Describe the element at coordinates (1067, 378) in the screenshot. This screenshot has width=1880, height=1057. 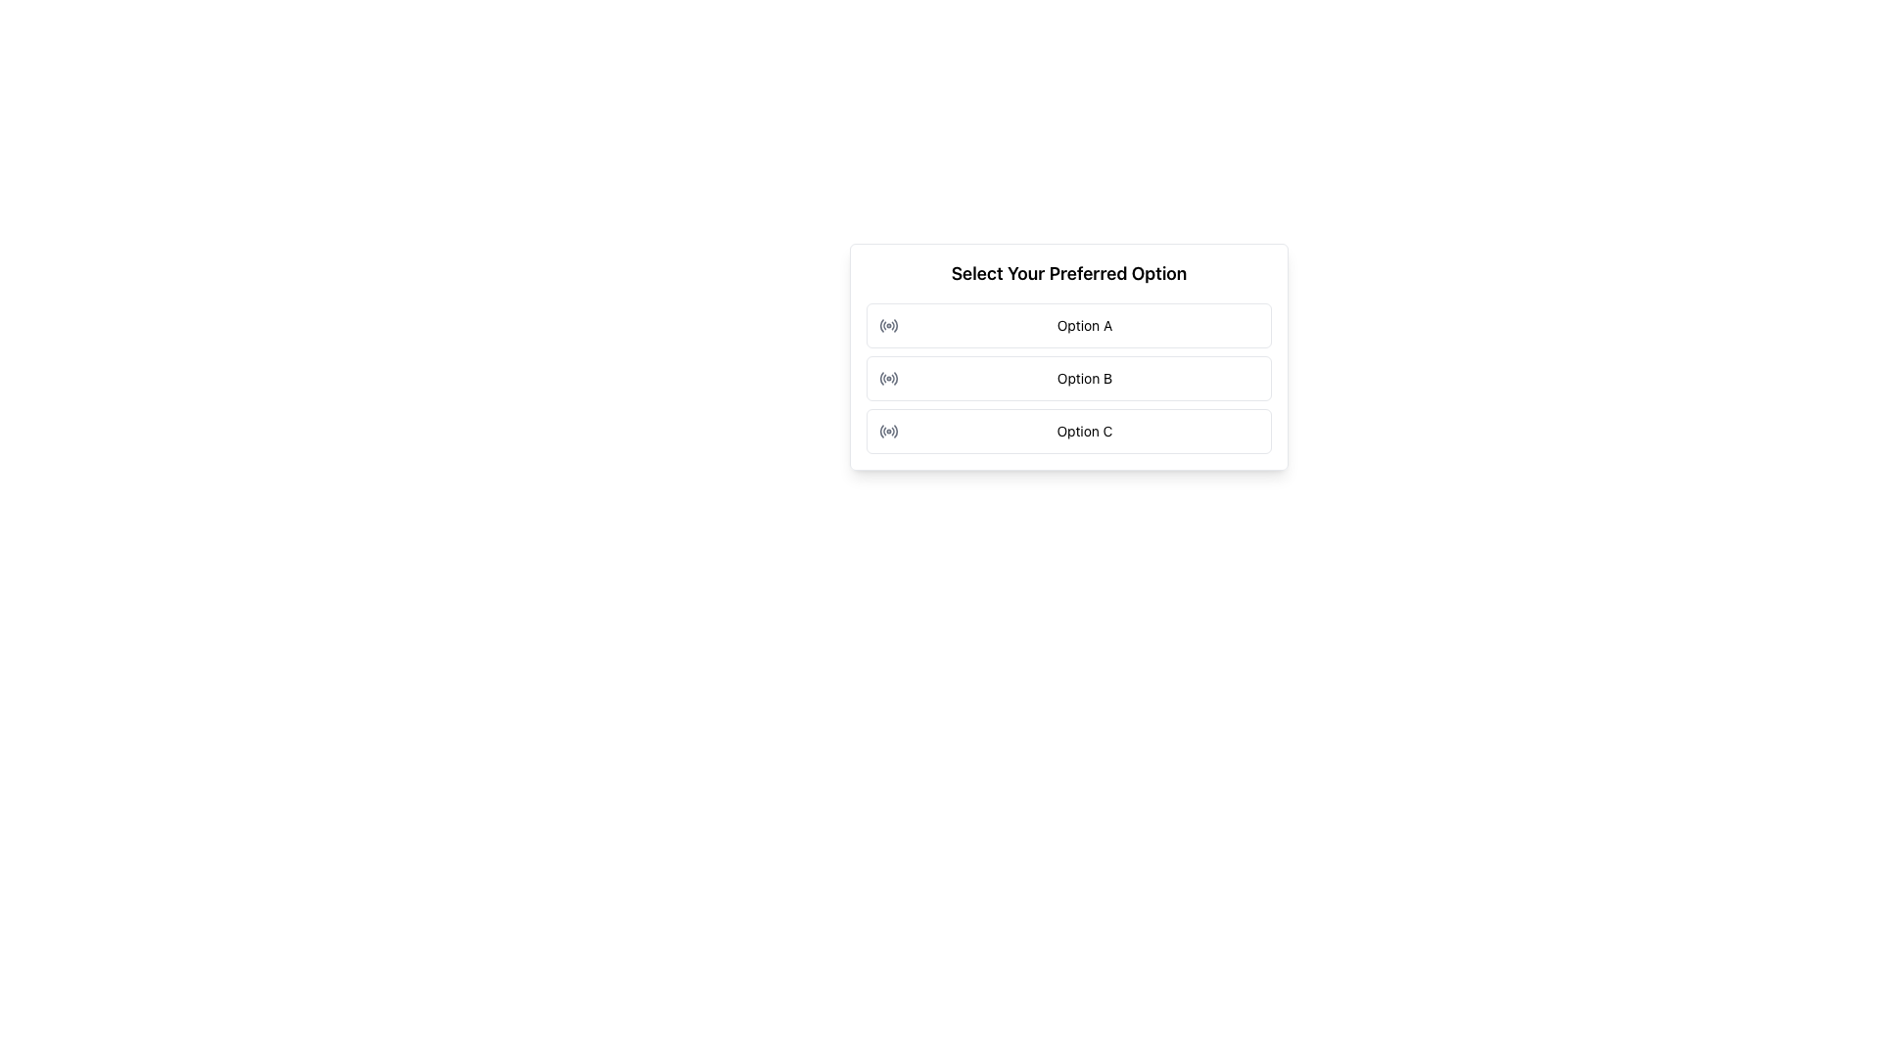
I see `the 'Option B' radio button` at that location.